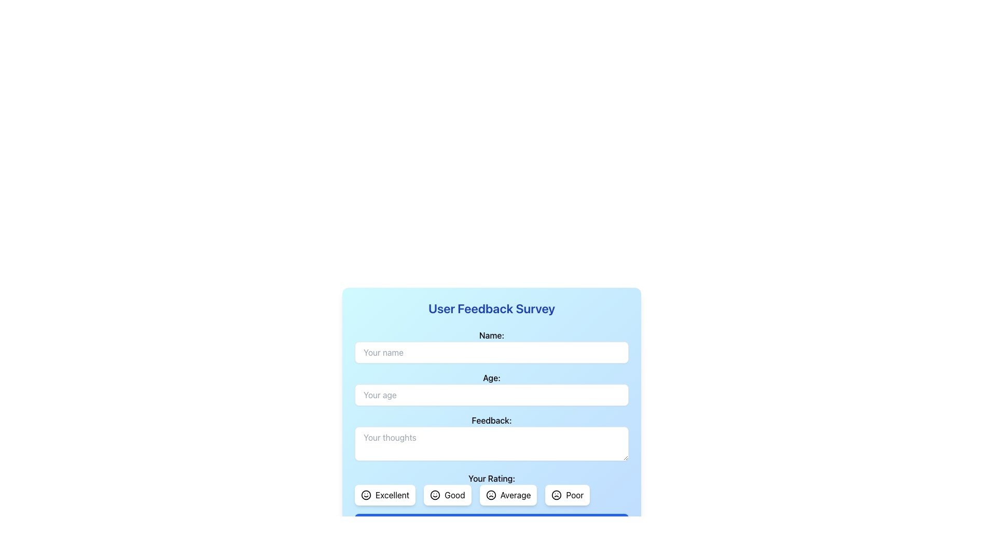 This screenshot has width=996, height=560. Describe the element at coordinates (508, 495) in the screenshot. I see `the 'Average' button in the feedback survey` at that location.